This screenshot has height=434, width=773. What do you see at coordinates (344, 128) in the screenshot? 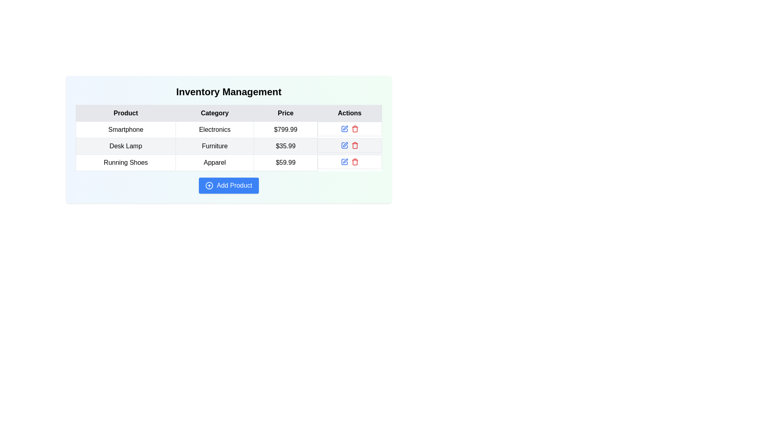
I see `the rectangular SVG icon with rounded corners in the 'Actions' section of the table, specifically in the row labeled 'Furniture'` at bounding box center [344, 128].